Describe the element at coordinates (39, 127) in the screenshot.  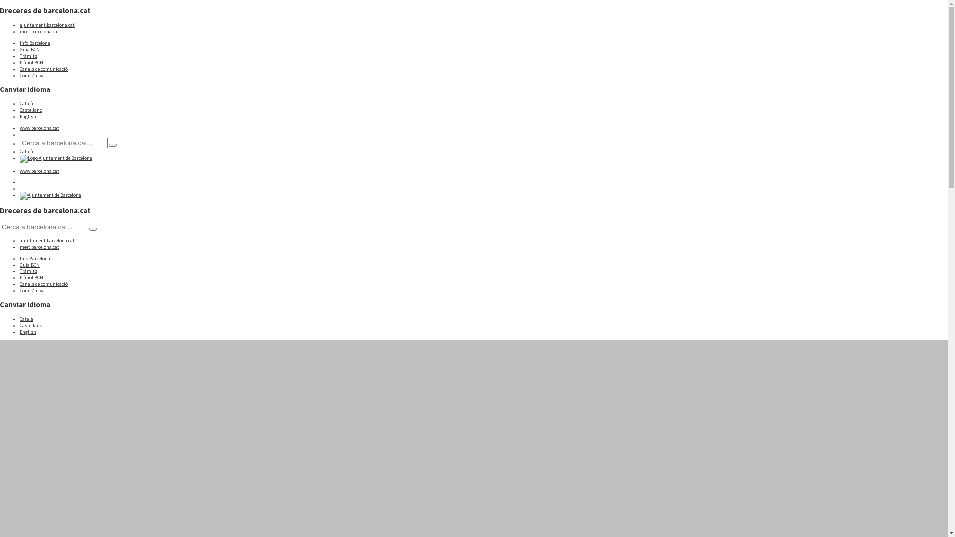
I see `'www.barcelona.cat'` at that location.